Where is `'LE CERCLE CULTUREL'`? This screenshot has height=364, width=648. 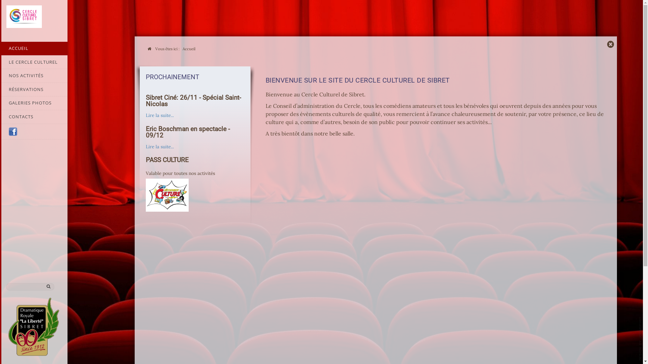 'LE CERCLE CULTUREL' is located at coordinates (33, 62).